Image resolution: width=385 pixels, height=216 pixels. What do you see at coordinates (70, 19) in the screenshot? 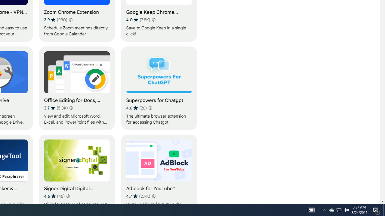
I see `'Learn more about results and reviews "Zoom Chrome Extension"'` at bounding box center [70, 19].